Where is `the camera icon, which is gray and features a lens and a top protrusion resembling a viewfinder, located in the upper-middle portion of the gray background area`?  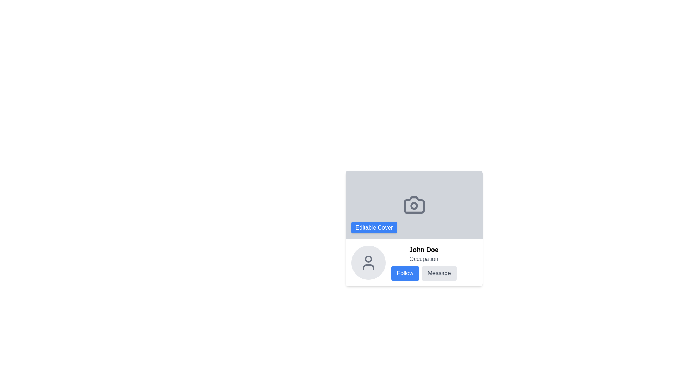
the camera icon, which is gray and features a lens and a top protrusion resembling a viewfinder, located in the upper-middle portion of the gray background area is located at coordinates (414, 205).